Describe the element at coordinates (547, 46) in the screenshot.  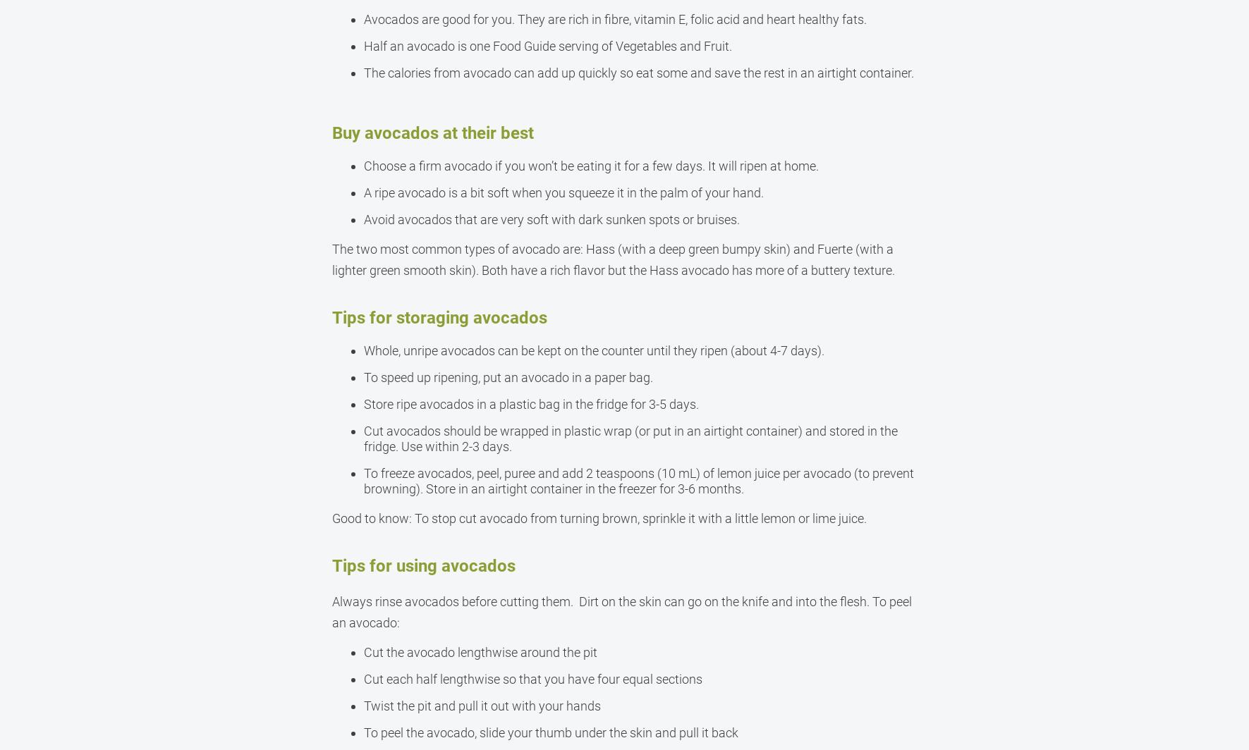
I see `'Half an avocado is one Food Guide serving of Vegetables and Fruit.'` at that location.